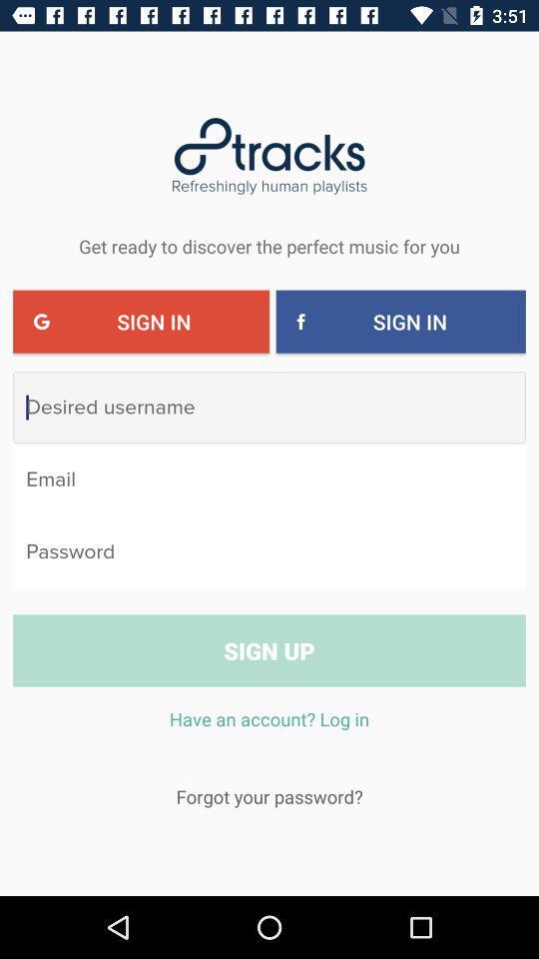 This screenshot has width=539, height=959. I want to click on desired username, so click(269, 407).